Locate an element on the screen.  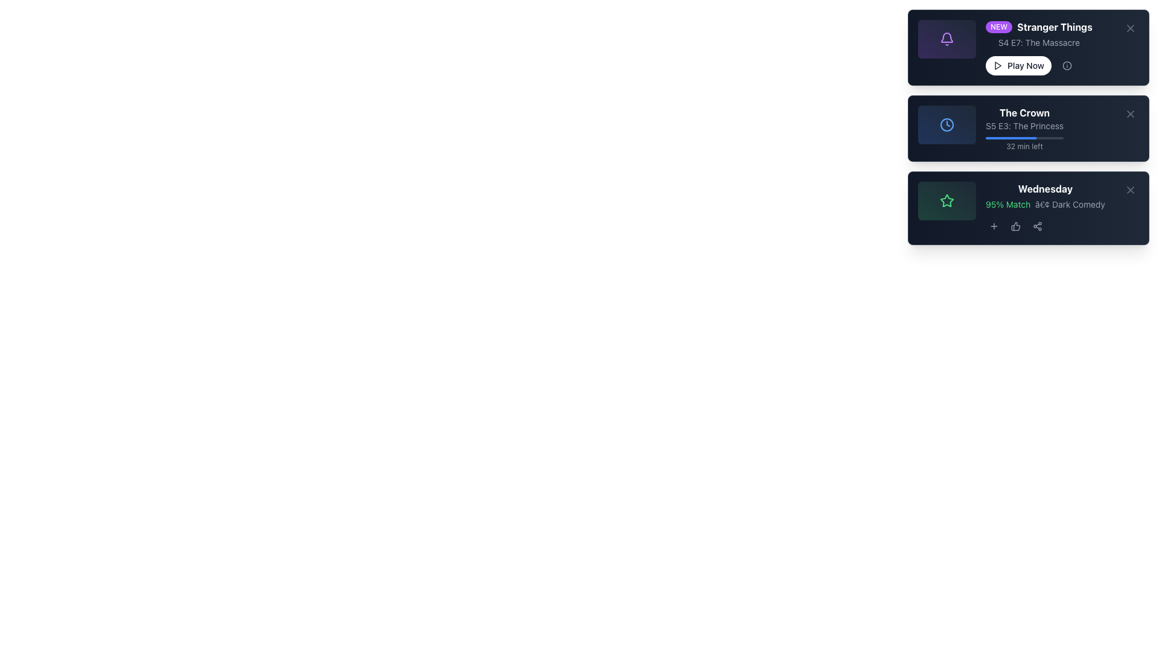
the decorative SVG circle element located in the upper-right section of the card-like structure at the top of the vertical stack is located at coordinates (1067, 65).